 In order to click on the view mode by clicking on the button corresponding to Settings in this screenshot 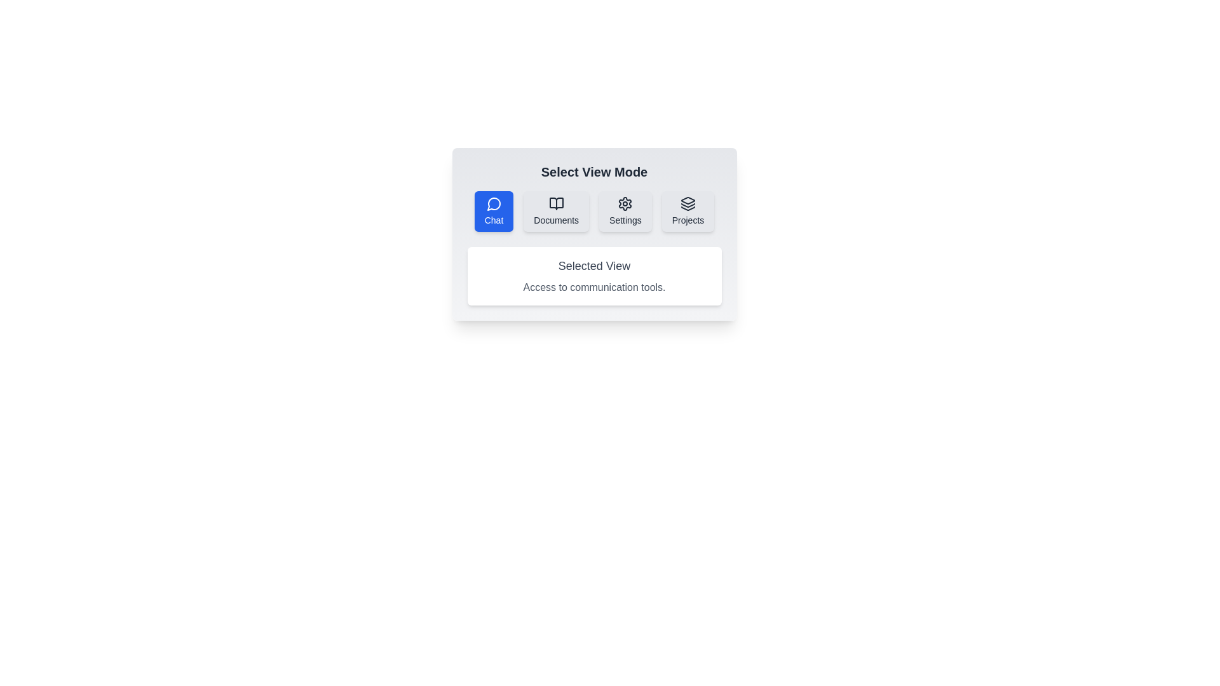, I will do `click(625, 210)`.